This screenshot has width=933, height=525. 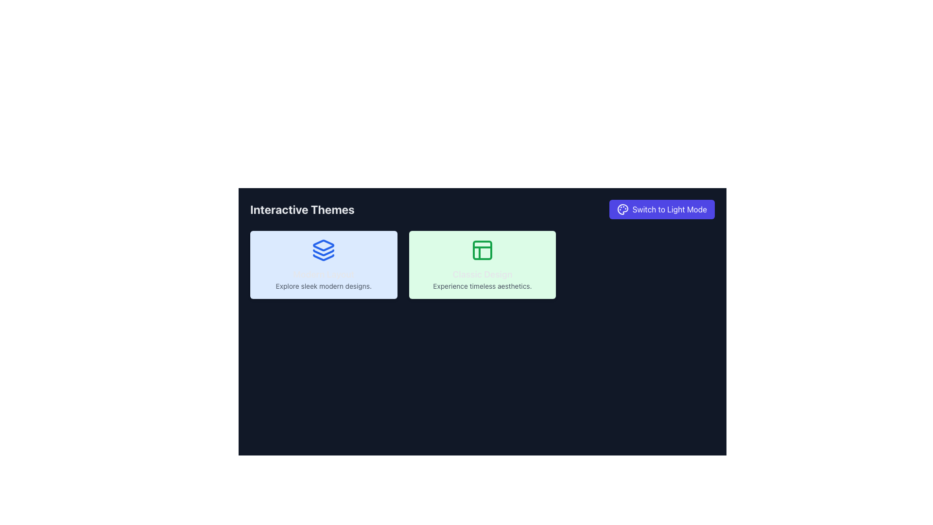 What do you see at coordinates (324, 279) in the screenshot?
I see `the descriptive label for the 'Modern Layout' option` at bounding box center [324, 279].